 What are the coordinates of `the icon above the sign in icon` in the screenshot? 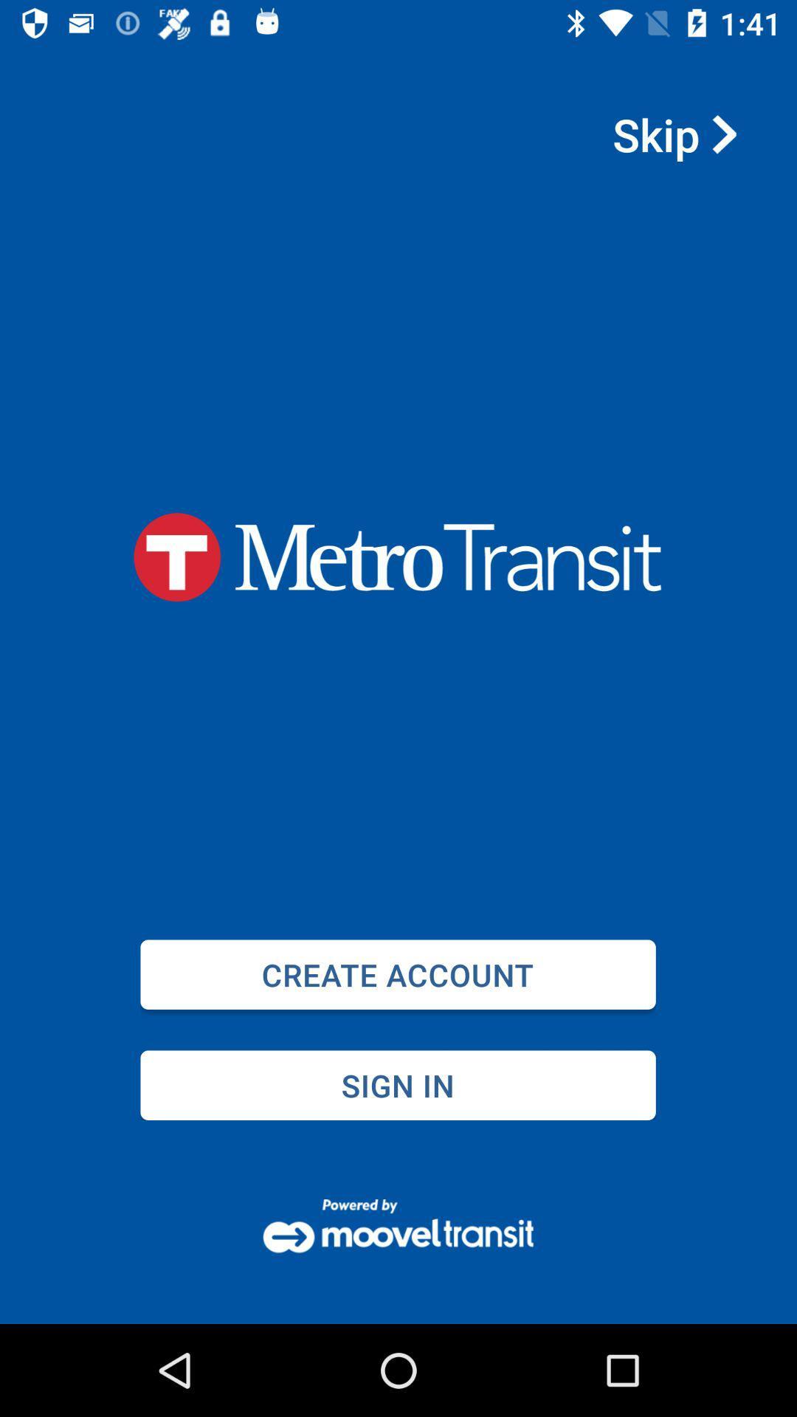 It's located at (397, 974).